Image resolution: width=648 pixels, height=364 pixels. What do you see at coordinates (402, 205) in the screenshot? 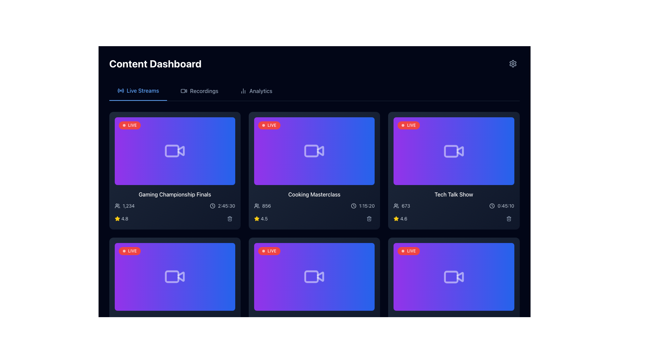
I see `the Text-Icon Pair that displays the number of viewers for the 'Tech Talk Show', located in the top-right quadrant of the UI, to the left of the time indicator` at bounding box center [402, 205].